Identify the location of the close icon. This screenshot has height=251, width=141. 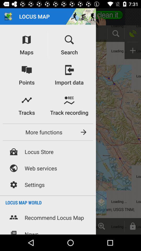
(56, 226).